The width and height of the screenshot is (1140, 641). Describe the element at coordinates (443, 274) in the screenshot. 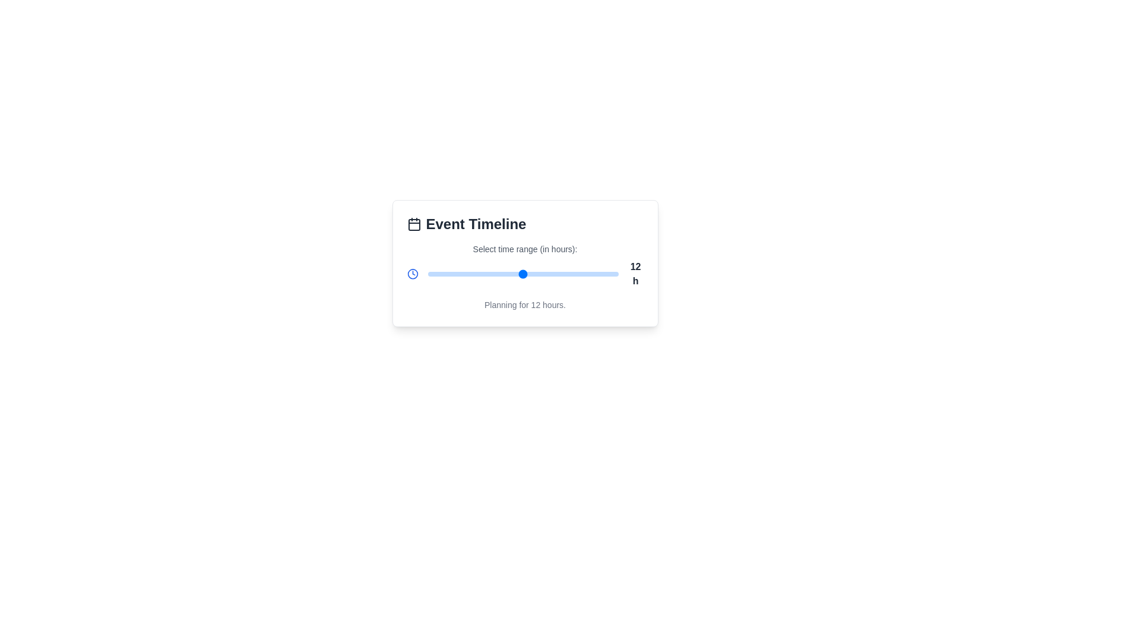

I see `the number of hours` at that location.